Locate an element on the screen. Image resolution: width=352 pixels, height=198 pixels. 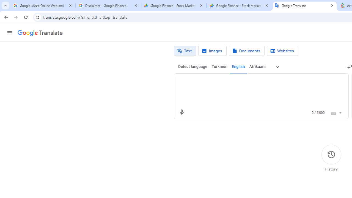
'Website translation' is located at coordinates (282, 51).